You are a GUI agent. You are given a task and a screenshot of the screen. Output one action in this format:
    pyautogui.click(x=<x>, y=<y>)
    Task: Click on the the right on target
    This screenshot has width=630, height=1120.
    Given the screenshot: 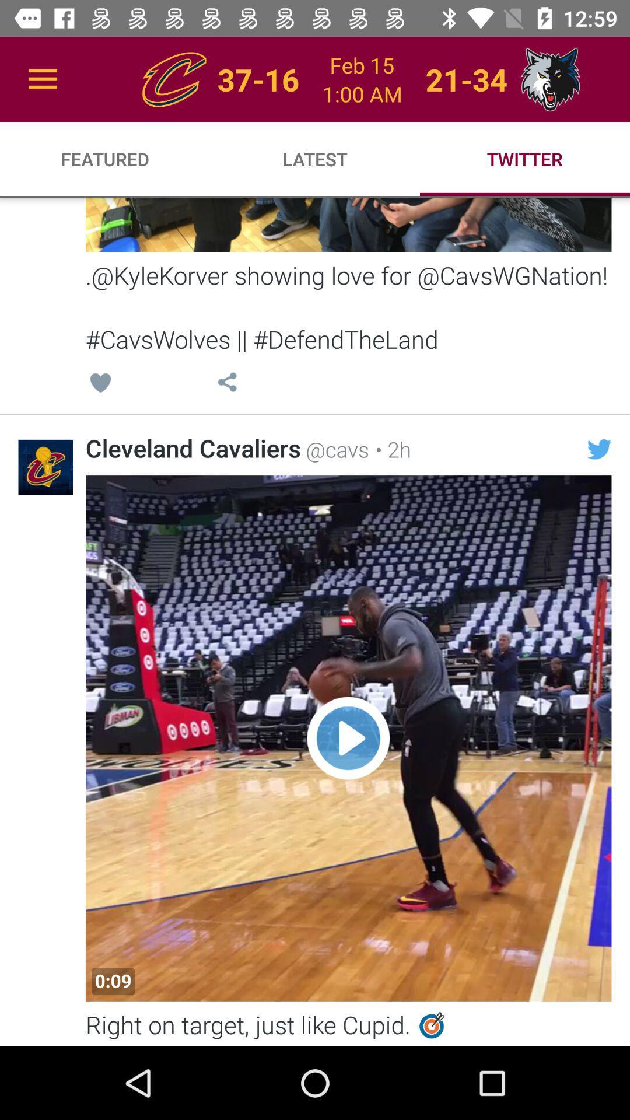 What is the action you would take?
    pyautogui.click(x=348, y=1027)
    